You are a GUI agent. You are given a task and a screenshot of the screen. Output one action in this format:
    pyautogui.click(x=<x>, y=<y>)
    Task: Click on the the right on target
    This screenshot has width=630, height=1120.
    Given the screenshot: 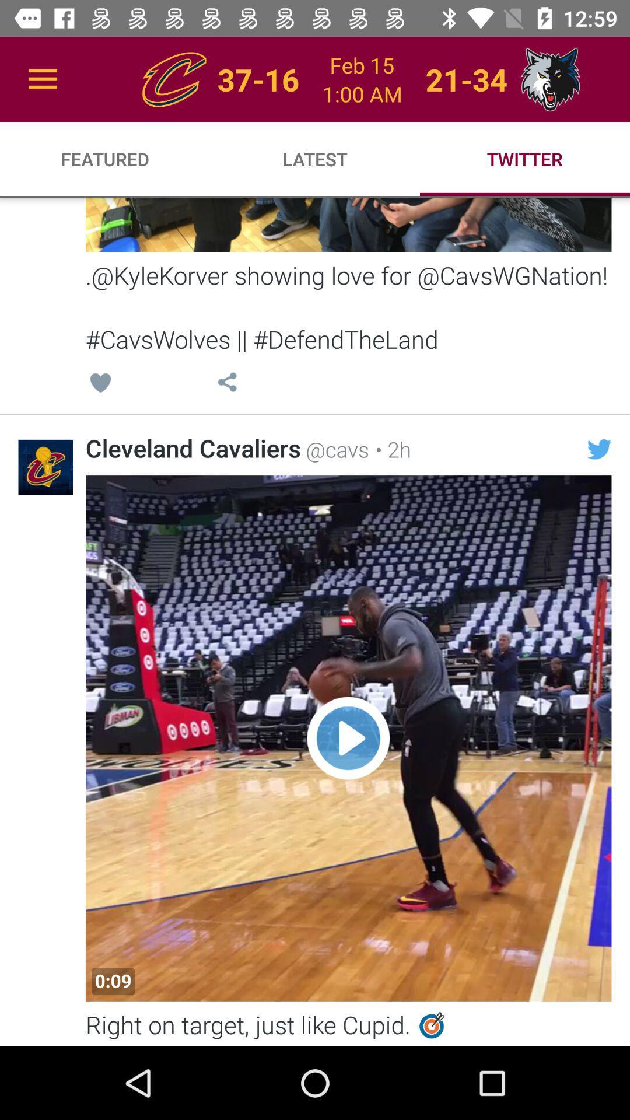 What is the action you would take?
    pyautogui.click(x=348, y=1027)
    